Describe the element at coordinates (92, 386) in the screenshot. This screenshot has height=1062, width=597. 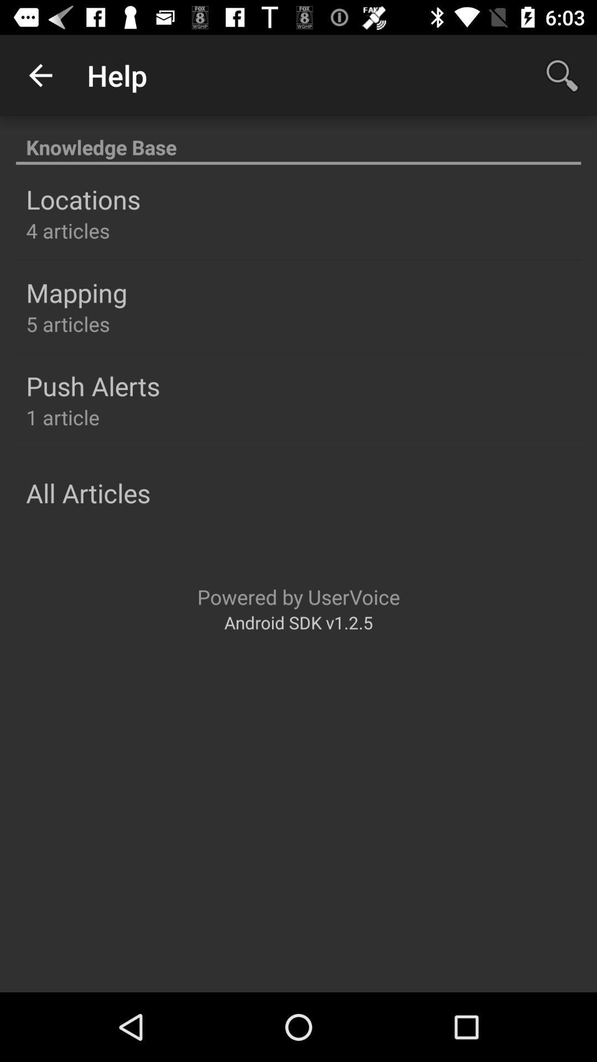
I see `the push alerts icon` at that location.